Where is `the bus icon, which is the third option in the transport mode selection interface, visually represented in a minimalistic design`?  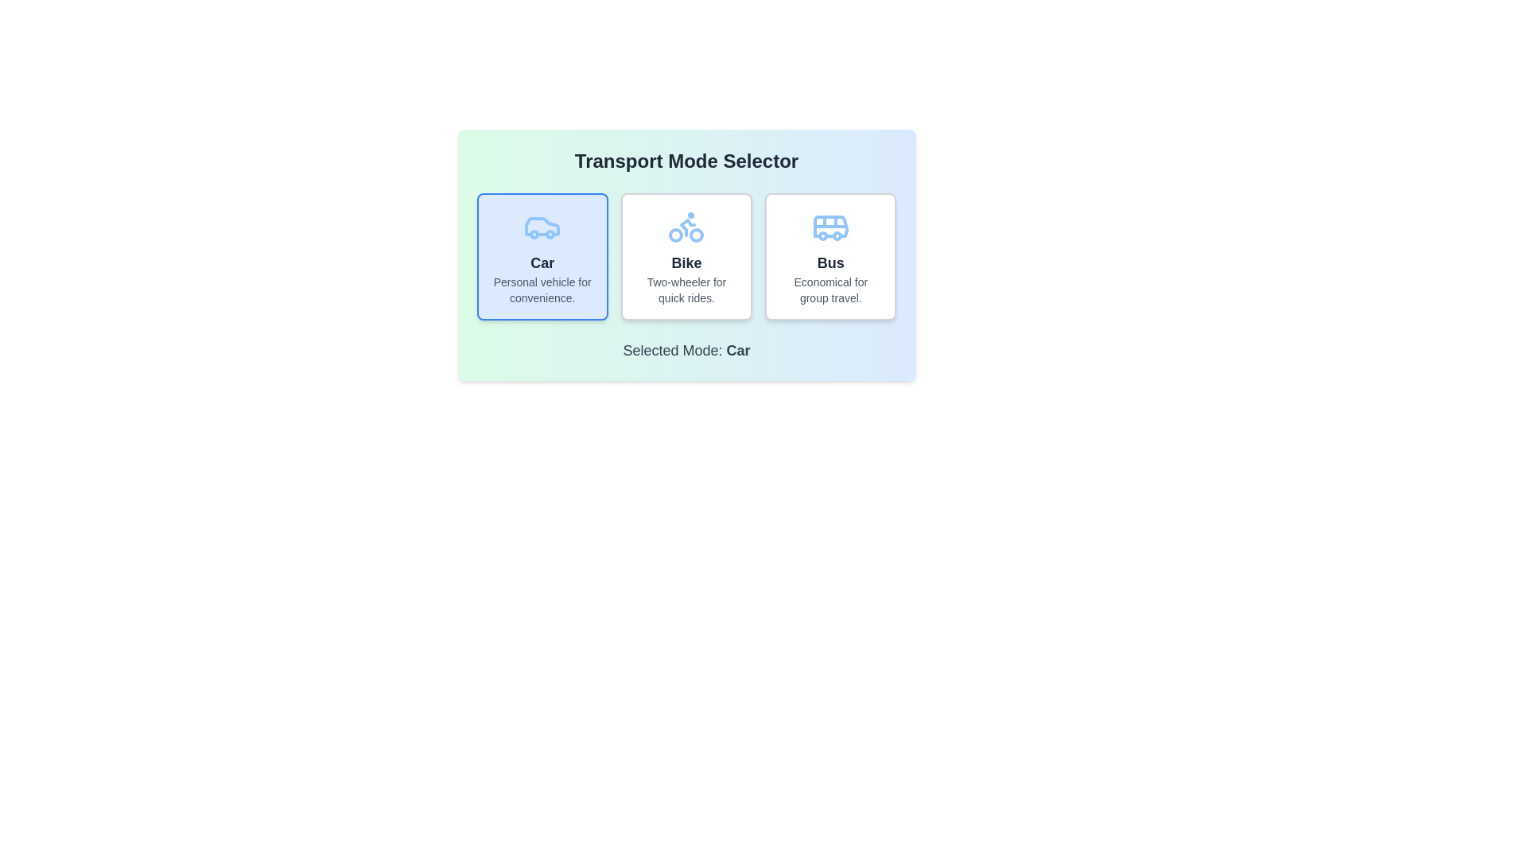
the bus icon, which is the third option in the transport mode selection interface, visually represented in a minimalistic design is located at coordinates (830, 227).